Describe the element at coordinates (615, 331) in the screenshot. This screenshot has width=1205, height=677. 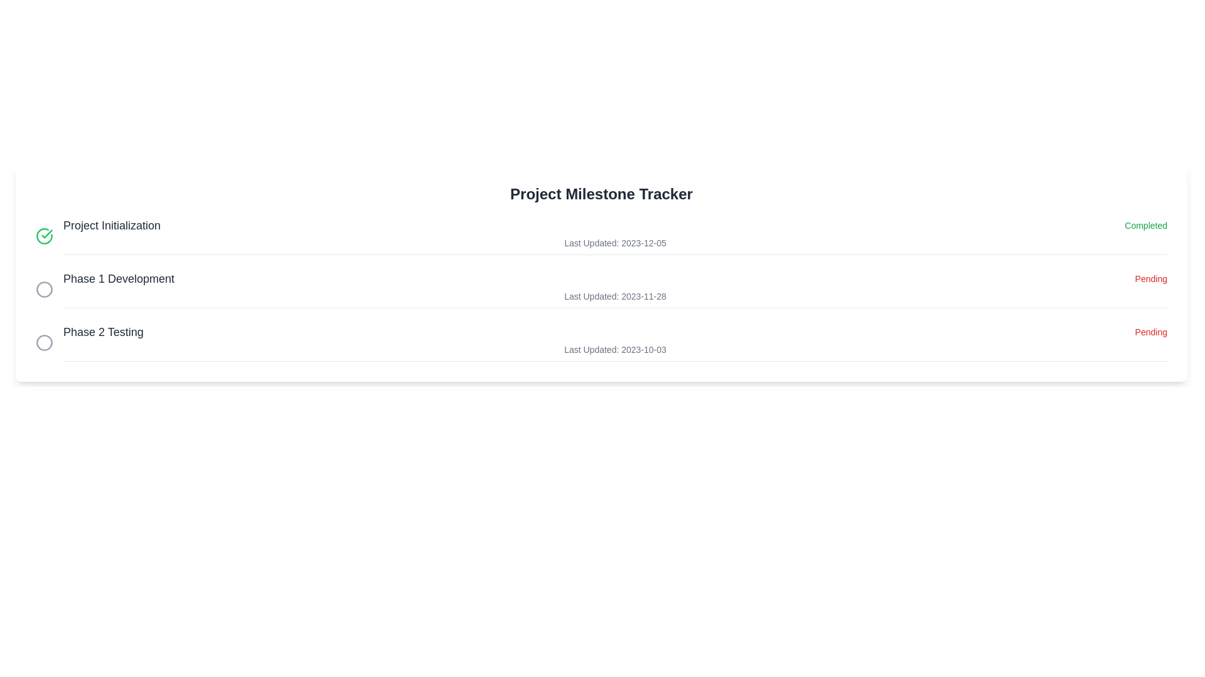
I see `status indicator for the 'Phase 2 Testing' milestone, which currently shows 'Pending'` at that location.